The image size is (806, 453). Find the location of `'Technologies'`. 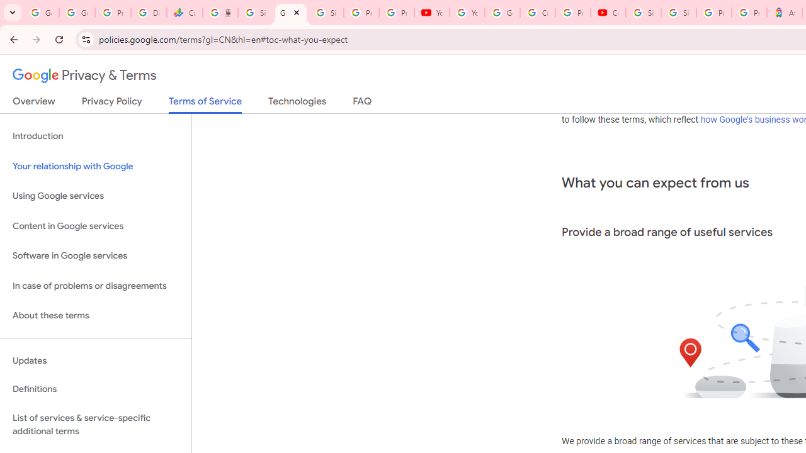

'Technologies' is located at coordinates (297, 103).